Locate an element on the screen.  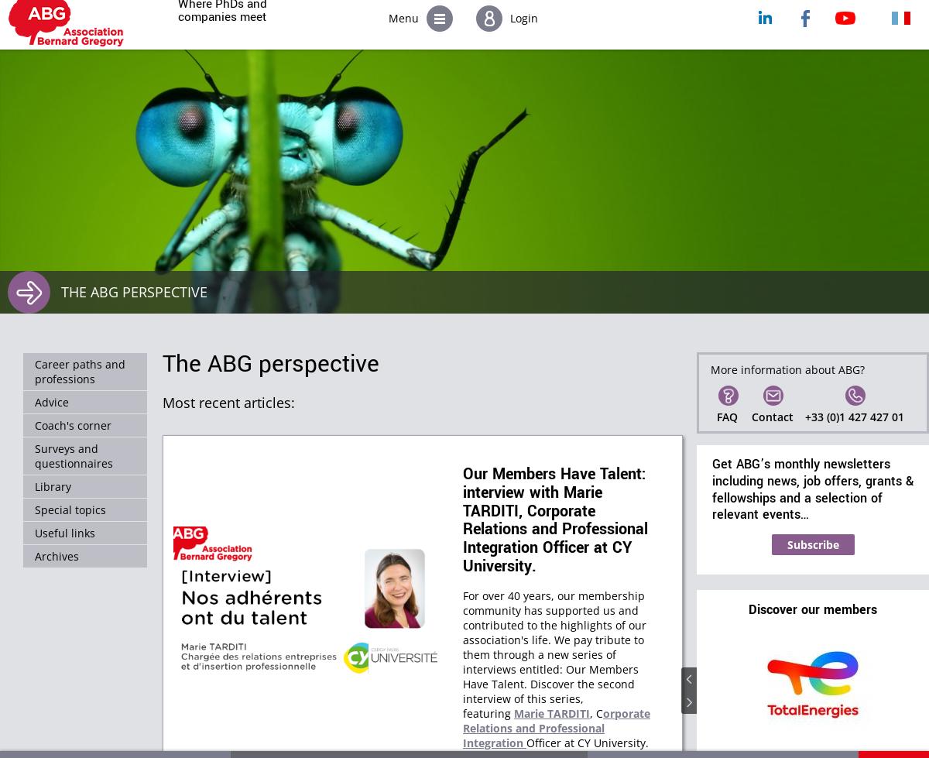
'FAQ' is located at coordinates (727, 416).